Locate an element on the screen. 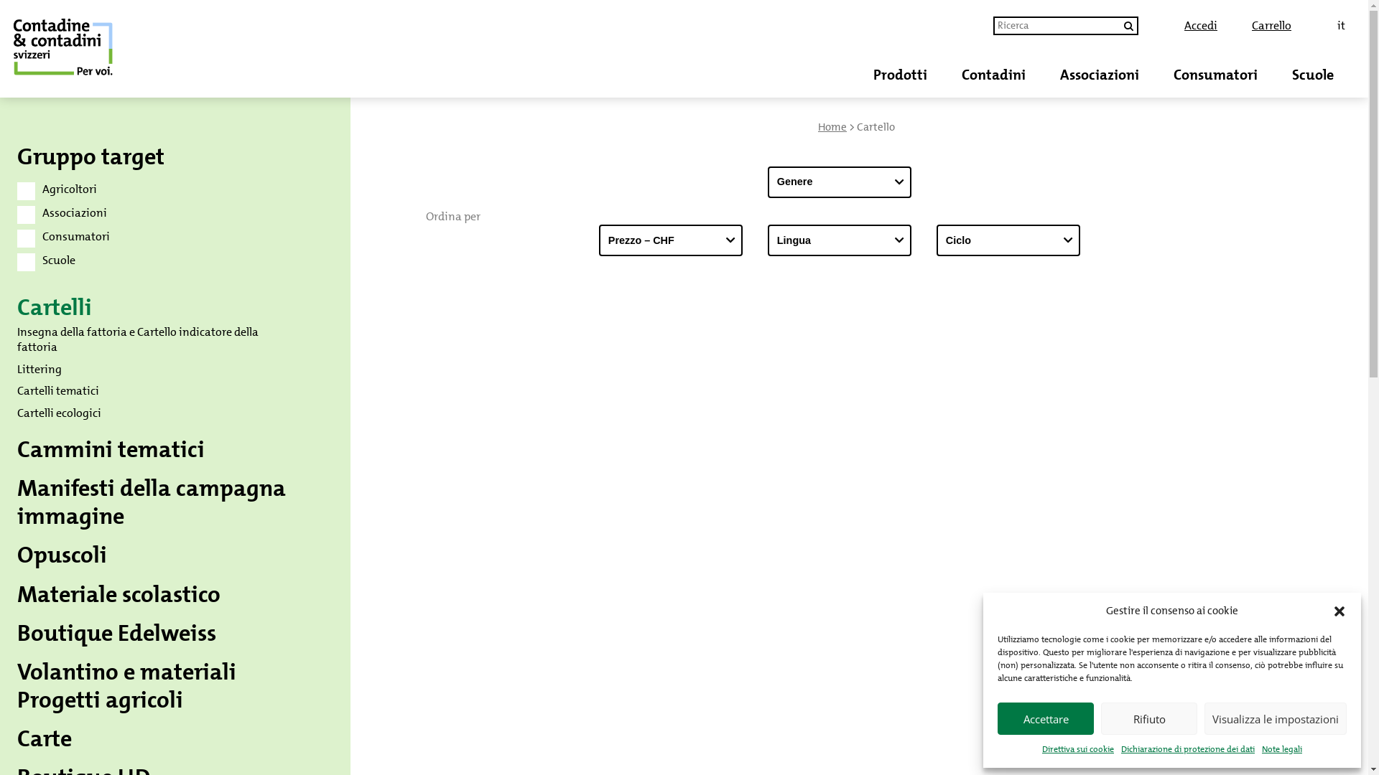 The image size is (1379, 775). 'Littering' is located at coordinates (39, 368).